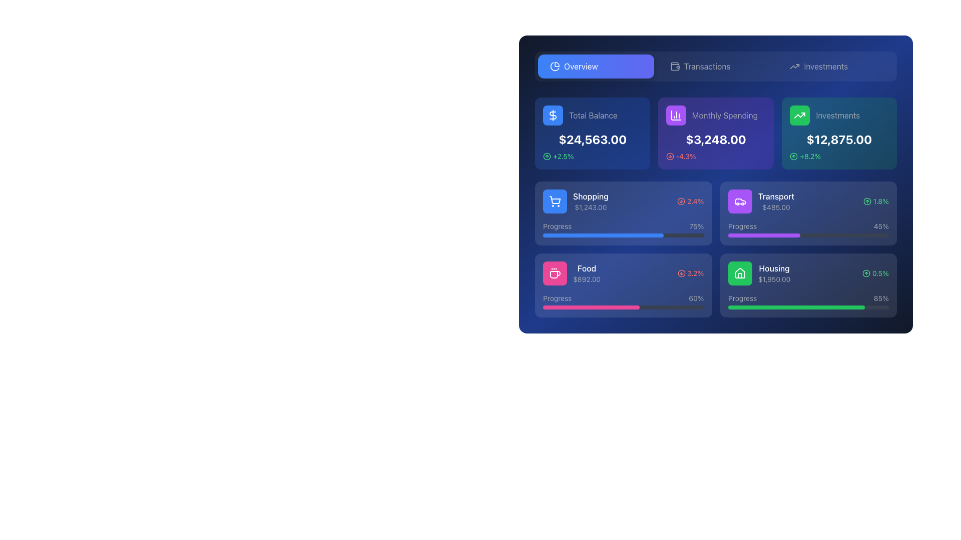  Describe the element at coordinates (623, 235) in the screenshot. I see `the Progress bar located within the 'Shopping' card, positioned below the 'Progress' title and to the left of the 75% percentage value` at that location.